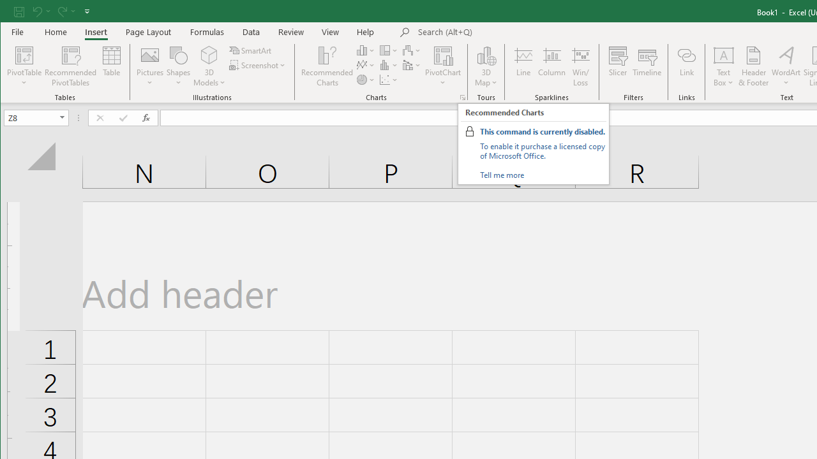 The image size is (817, 459). What do you see at coordinates (209, 54) in the screenshot?
I see `'3D Models'` at bounding box center [209, 54].